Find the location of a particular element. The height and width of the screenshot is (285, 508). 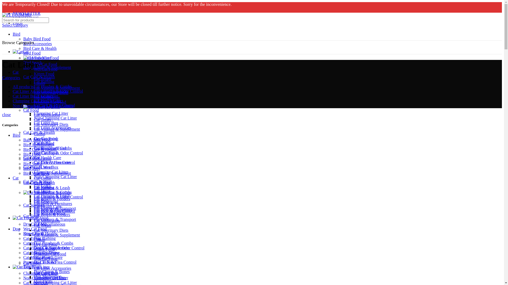

'Bird Food' is located at coordinates (31, 53).